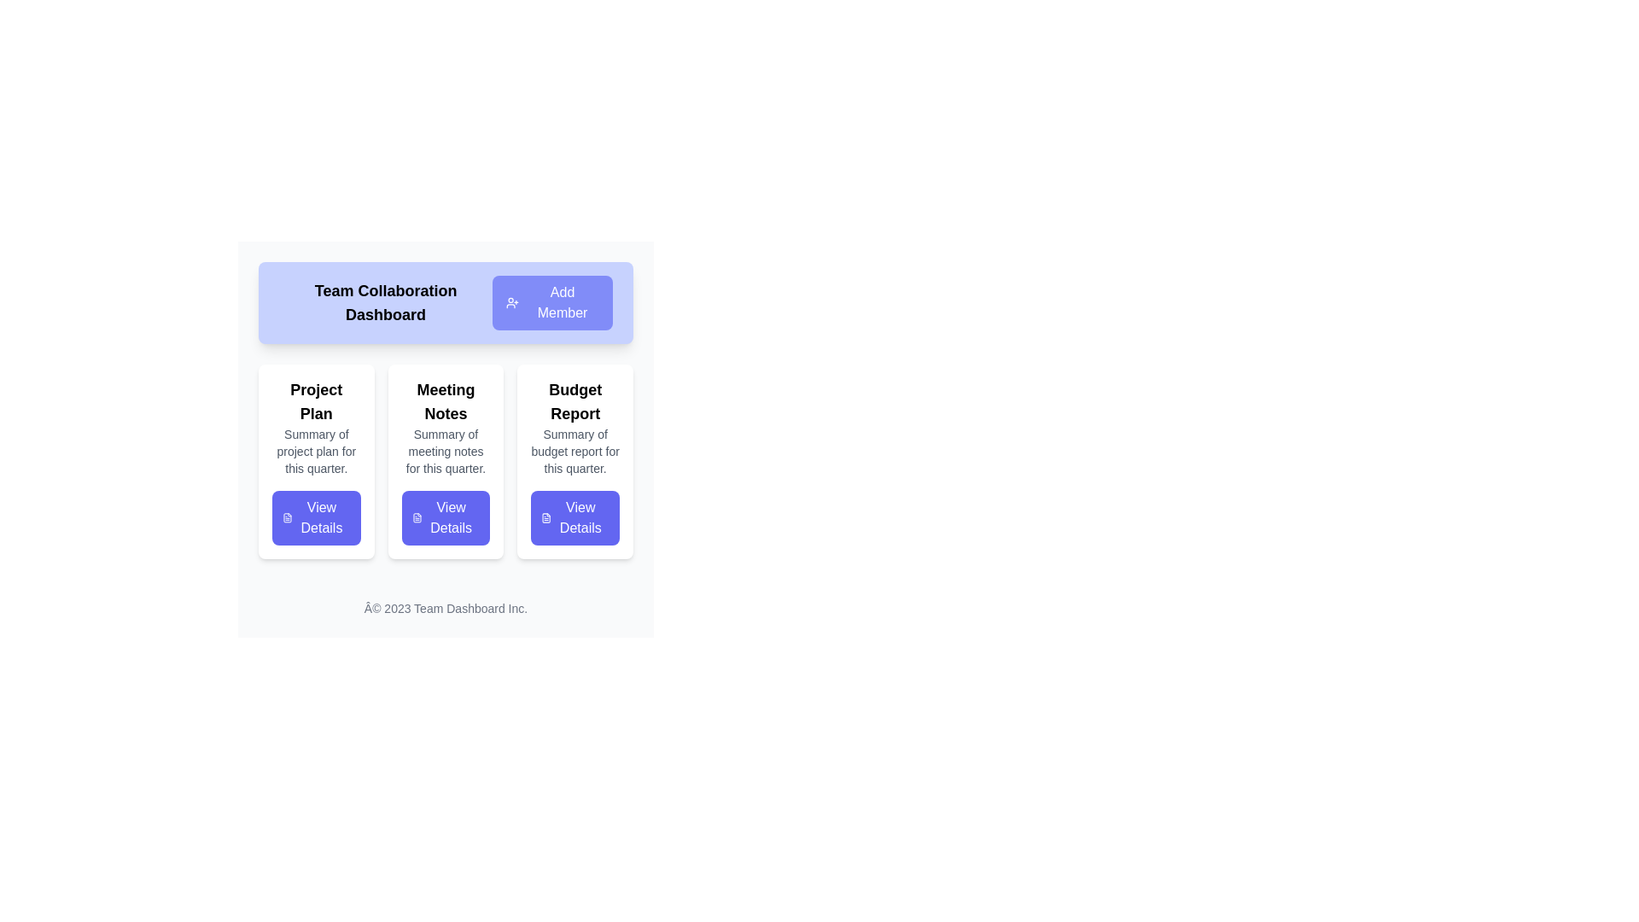 The width and height of the screenshot is (1639, 922). Describe the element at coordinates (575, 516) in the screenshot. I see `the 'View Details' button with a blue background and white text, located at the bottom of the 'Budget Report' card` at that location.